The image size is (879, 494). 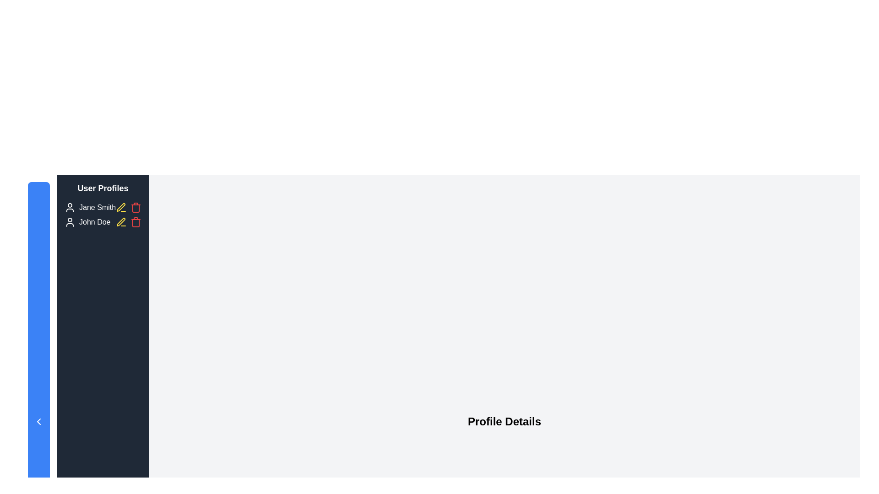 What do you see at coordinates (136, 208) in the screenshot?
I see `the red trash can icon located to the right of the 'John Doe' entry in the 'User Profiles' list` at bounding box center [136, 208].